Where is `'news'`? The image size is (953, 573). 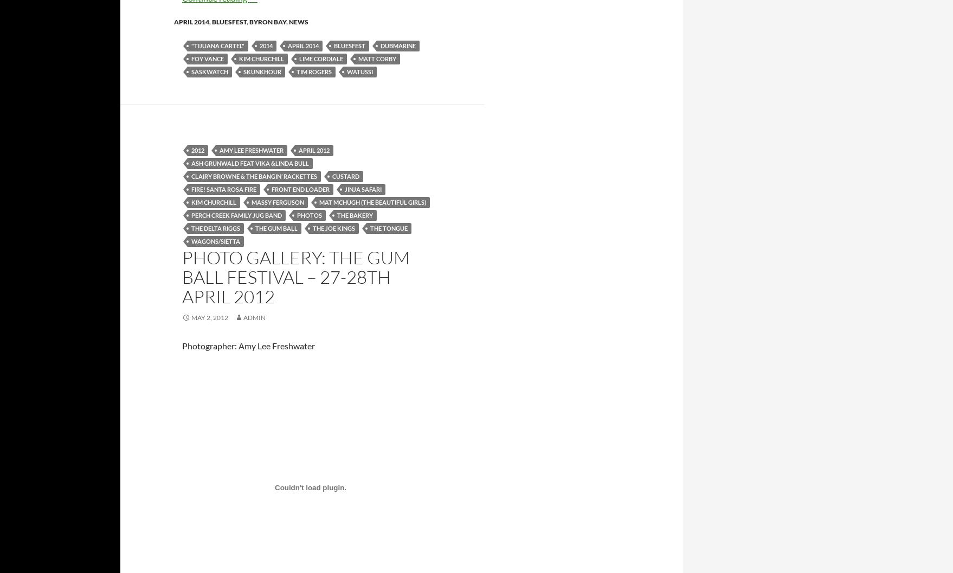 'news' is located at coordinates (298, 21).